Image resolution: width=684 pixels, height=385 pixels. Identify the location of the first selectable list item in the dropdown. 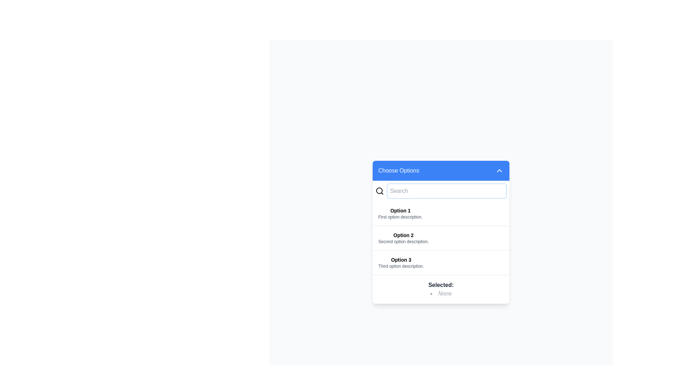
(441, 213).